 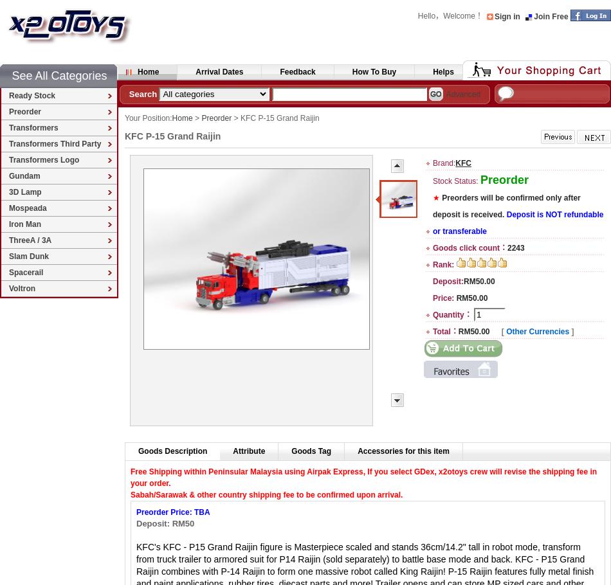 What do you see at coordinates (132, 471) in the screenshot?
I see `'F'` at bounding box center [132, 471].